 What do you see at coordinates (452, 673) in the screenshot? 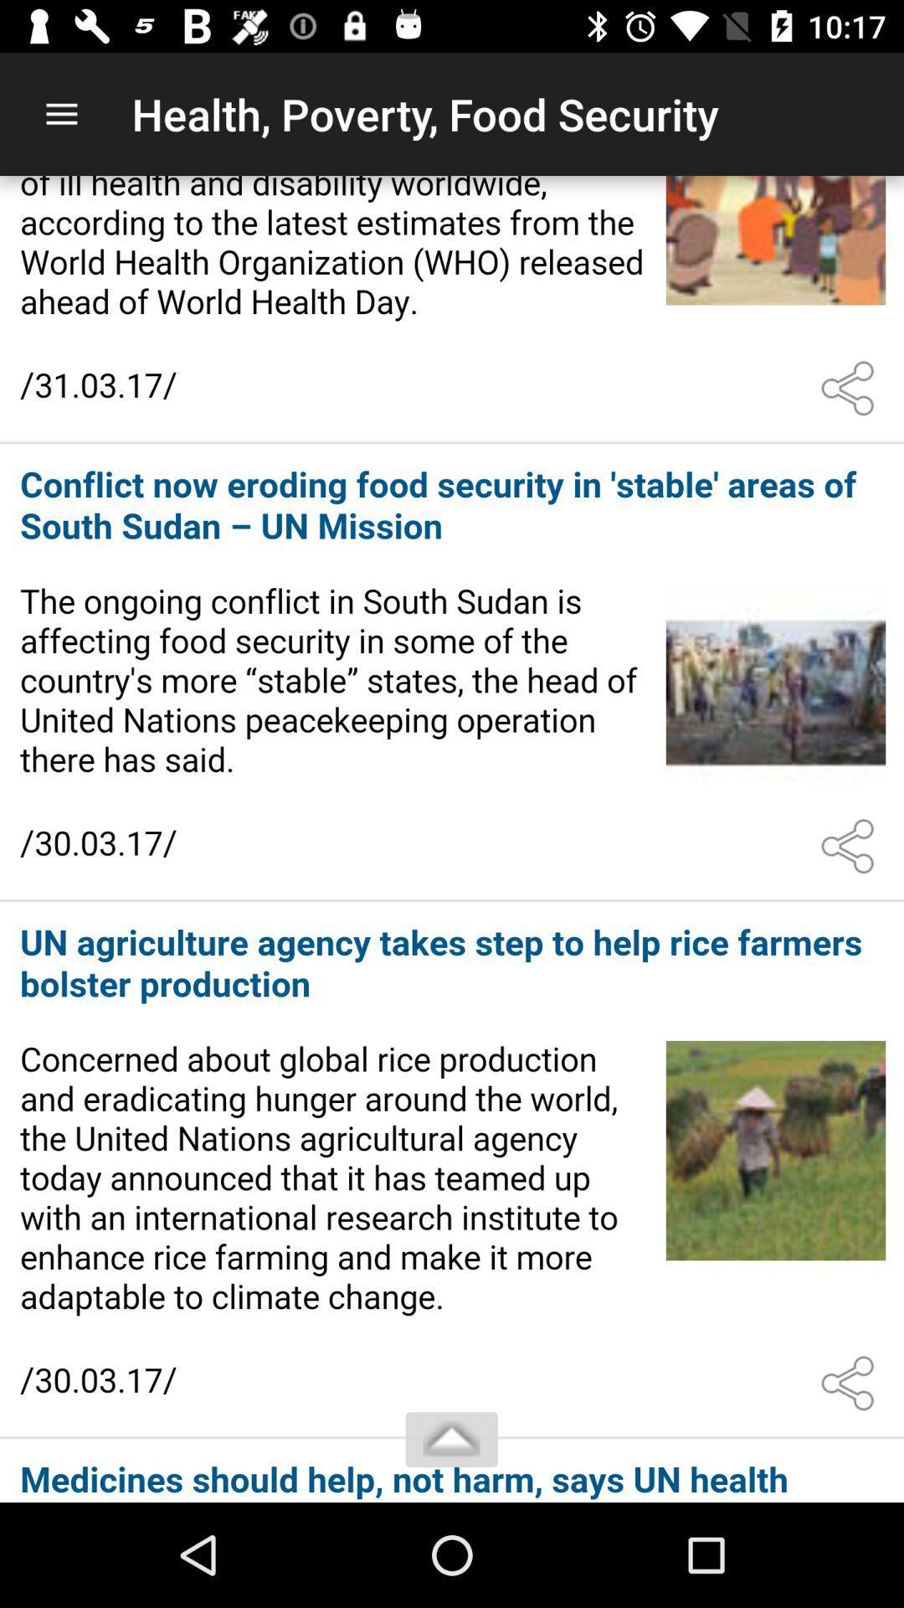
I see `open article` at bounding box center [452, 673].